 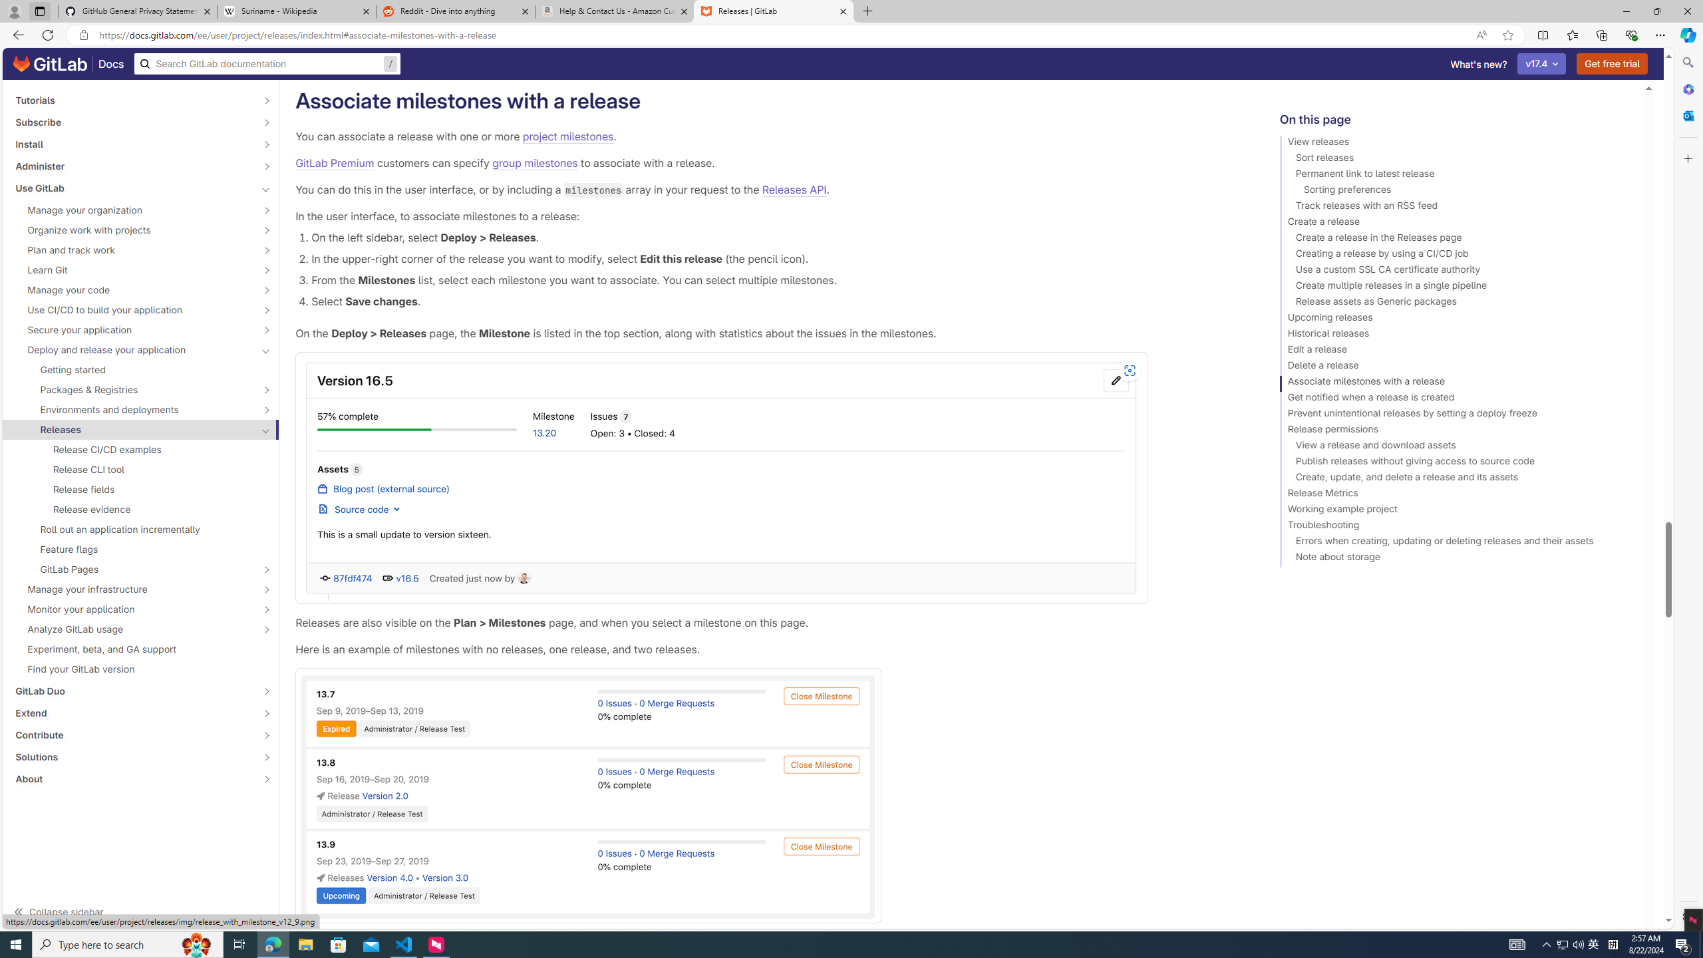 What do you see at coordinates (1456, 271) in the screenshot?
I see `'Use a custom SSL CA certificate authority'` at bounding box center [1456, 271].